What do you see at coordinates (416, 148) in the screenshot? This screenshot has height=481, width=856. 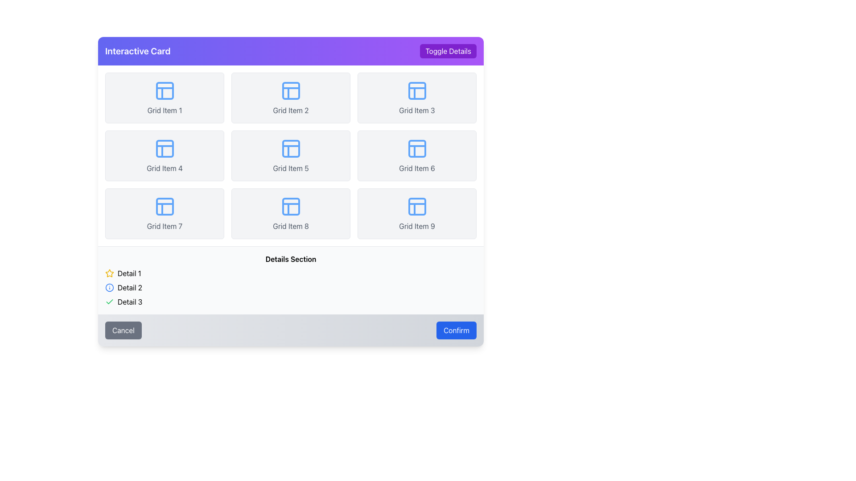 I see `the decorative icon for 'Grid Item 6' located in the second row and third column of the grid layout` at bounding box center [416, 148].